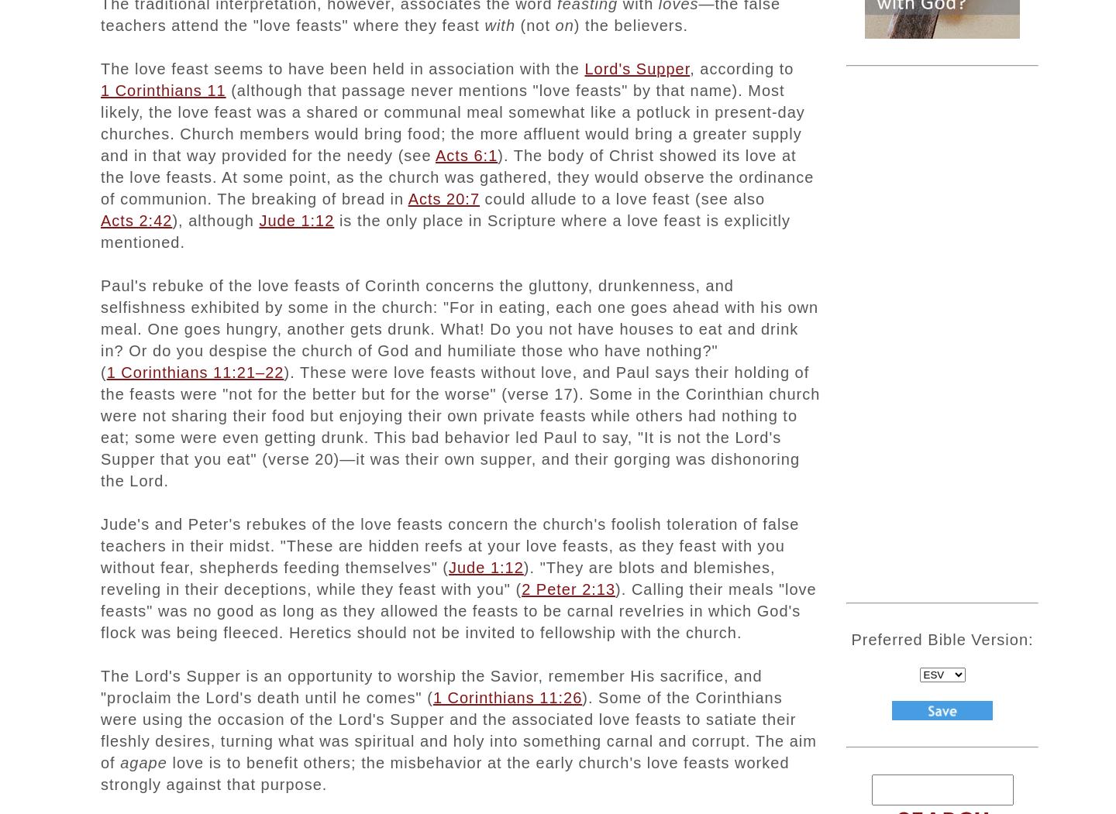  I want to click on ', according to', so click(742, 67).